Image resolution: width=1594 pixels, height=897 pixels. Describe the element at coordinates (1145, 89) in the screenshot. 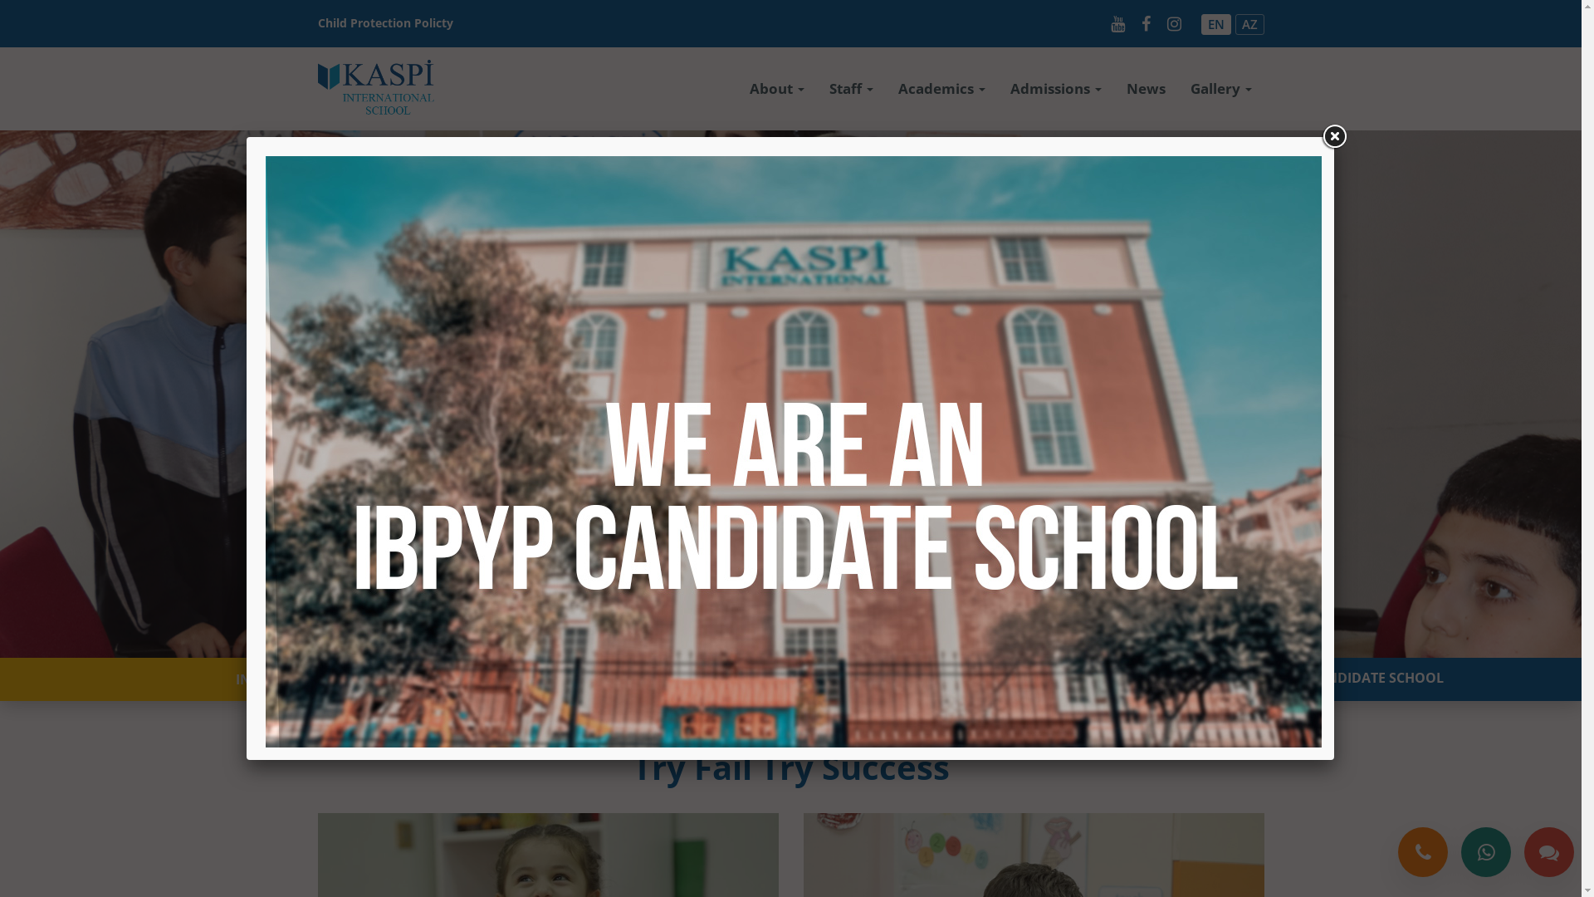

I see `'News'` at that location.